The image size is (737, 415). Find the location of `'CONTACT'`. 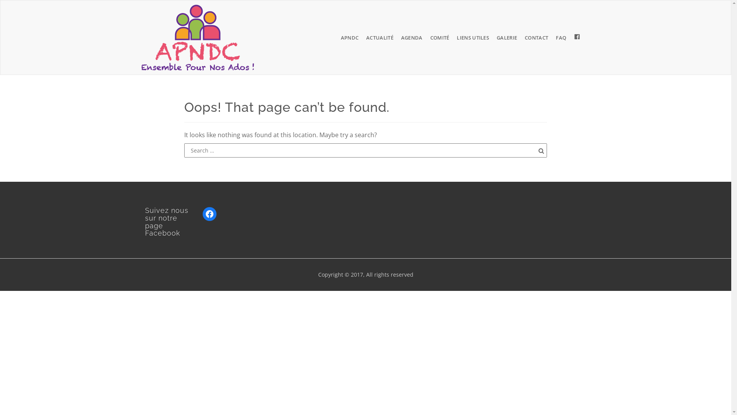

'CONTACT' is located at coordinates (536, 37).